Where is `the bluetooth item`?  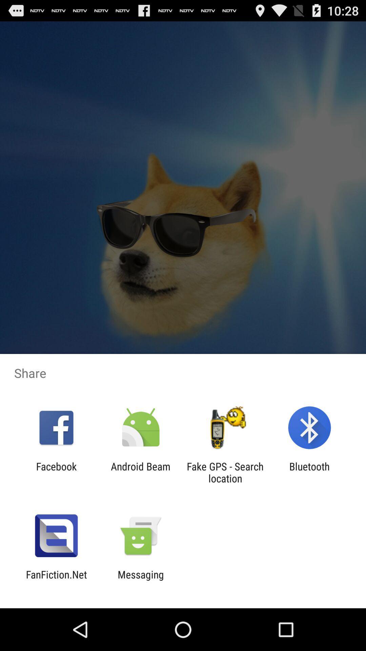 the bluetooth item is located at coordinates (309, 472).